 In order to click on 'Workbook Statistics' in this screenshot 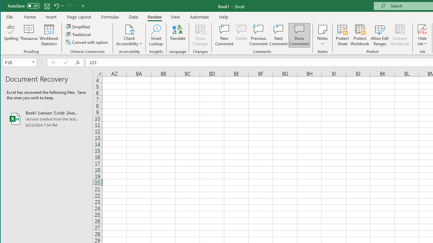, I will do `click(49, 35)`.